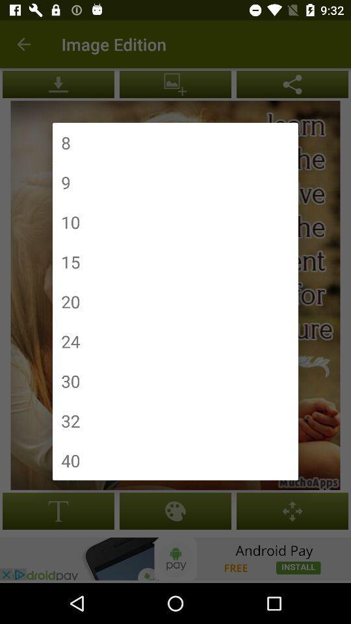 The width and height of the screenshot is (351, 624). I want to click on 10, so click(70, 222).